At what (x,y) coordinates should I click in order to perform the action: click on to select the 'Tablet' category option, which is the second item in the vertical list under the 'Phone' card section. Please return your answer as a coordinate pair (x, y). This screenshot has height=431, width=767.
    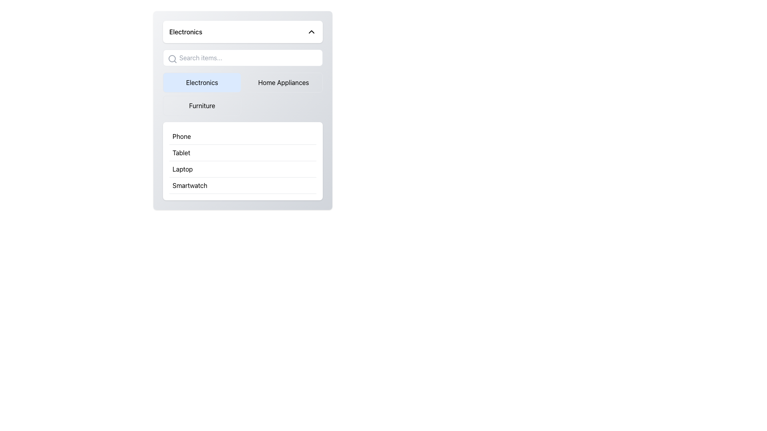
    Looking at the image, I should click on (242, 152).